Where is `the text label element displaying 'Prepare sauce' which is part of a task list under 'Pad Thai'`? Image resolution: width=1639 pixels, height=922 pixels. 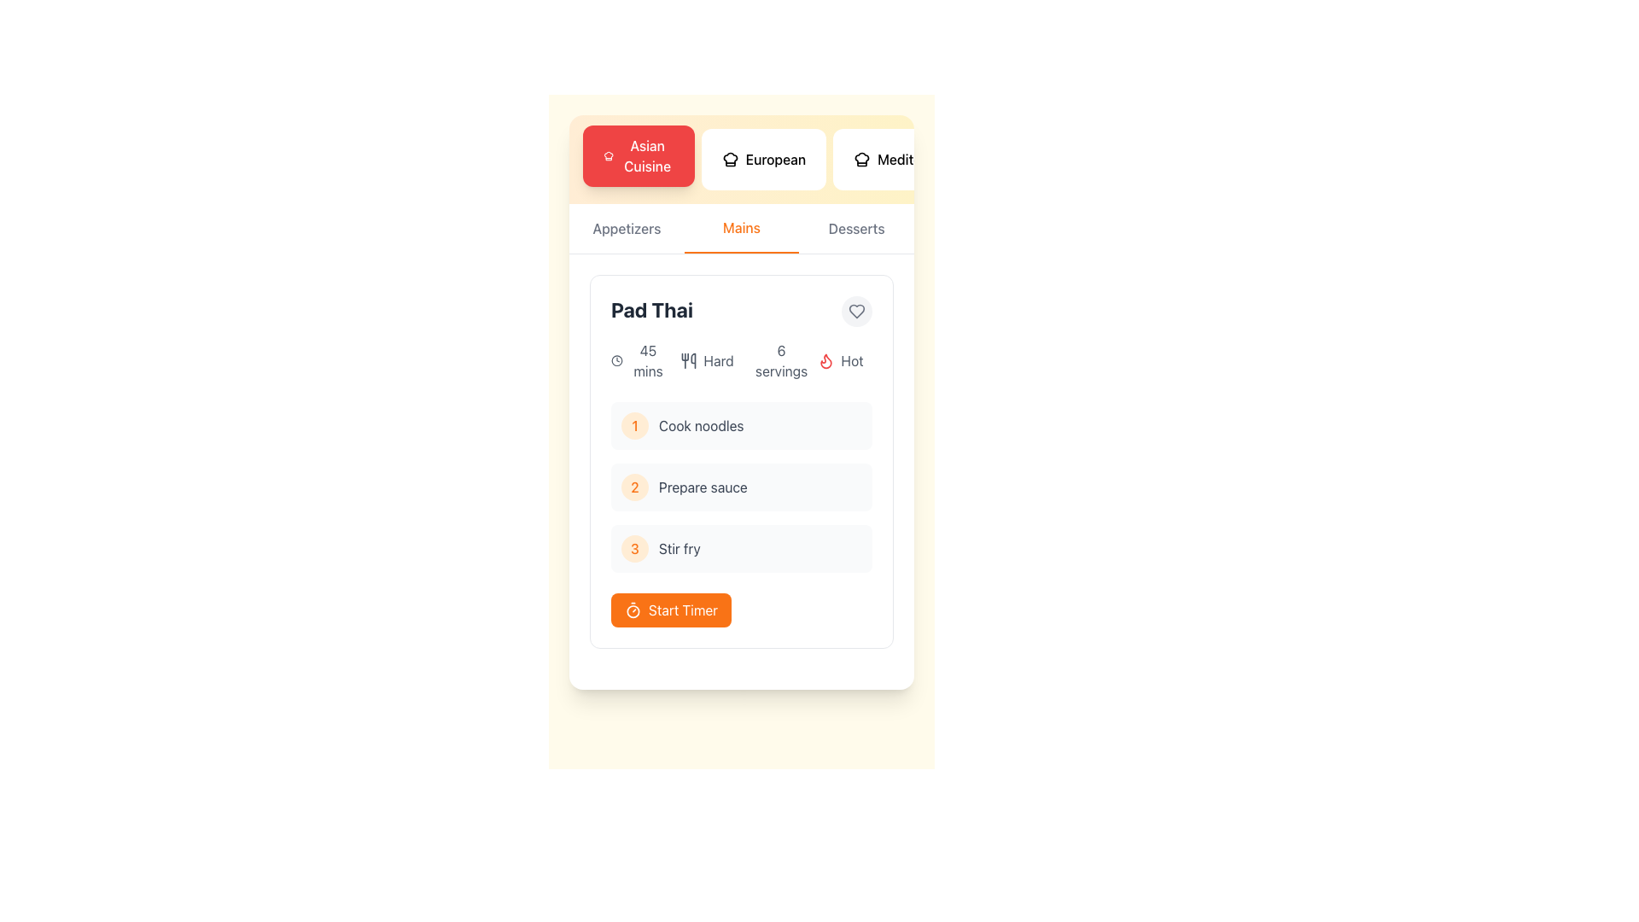
the text label element displaying 'Prepare sauce' which is part of a task list under 'Pad Thai' is located at coordinates (703, 487).